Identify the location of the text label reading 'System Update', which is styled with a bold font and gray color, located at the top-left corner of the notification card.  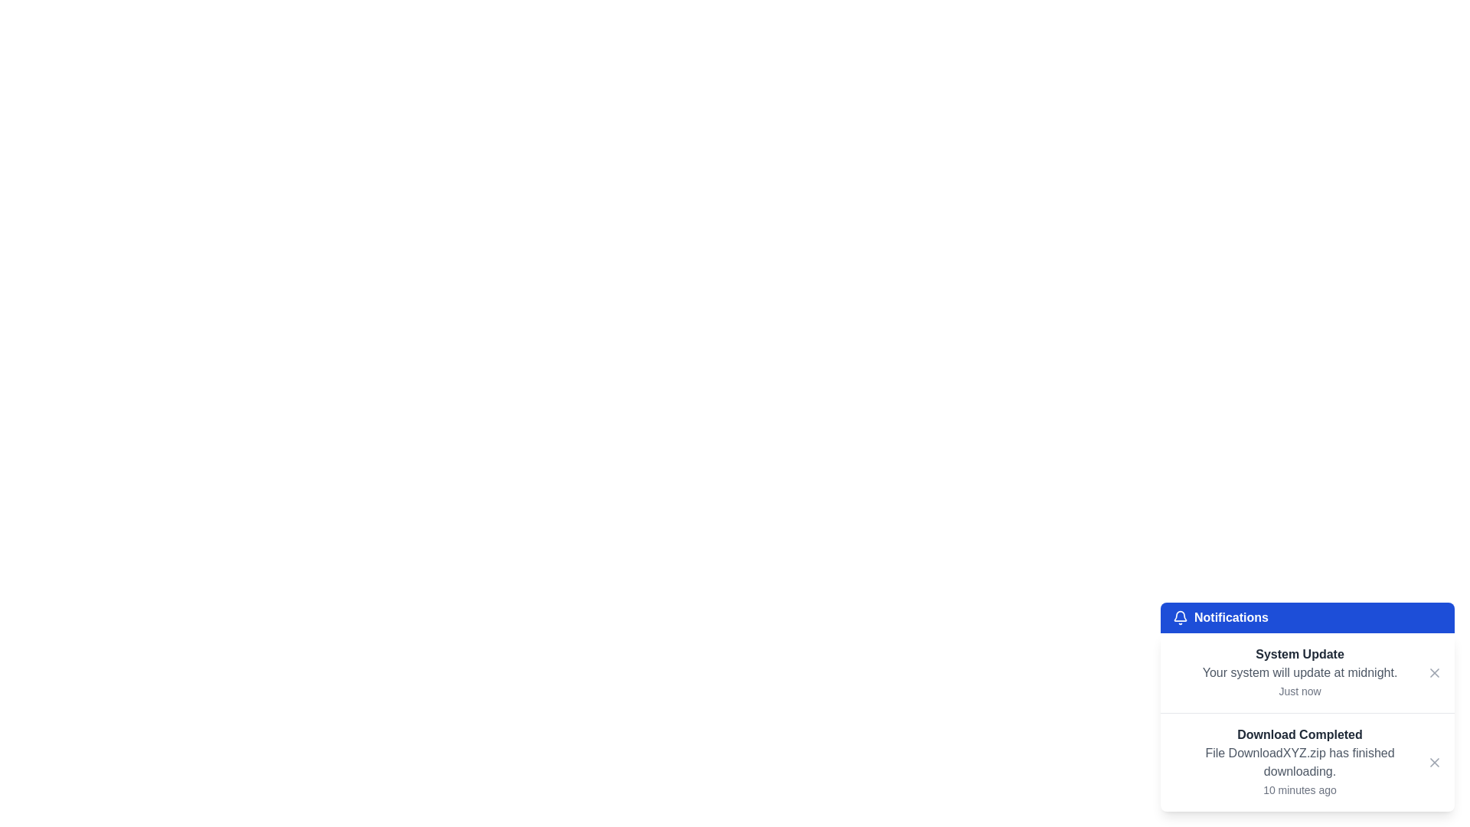
(1299, 655).